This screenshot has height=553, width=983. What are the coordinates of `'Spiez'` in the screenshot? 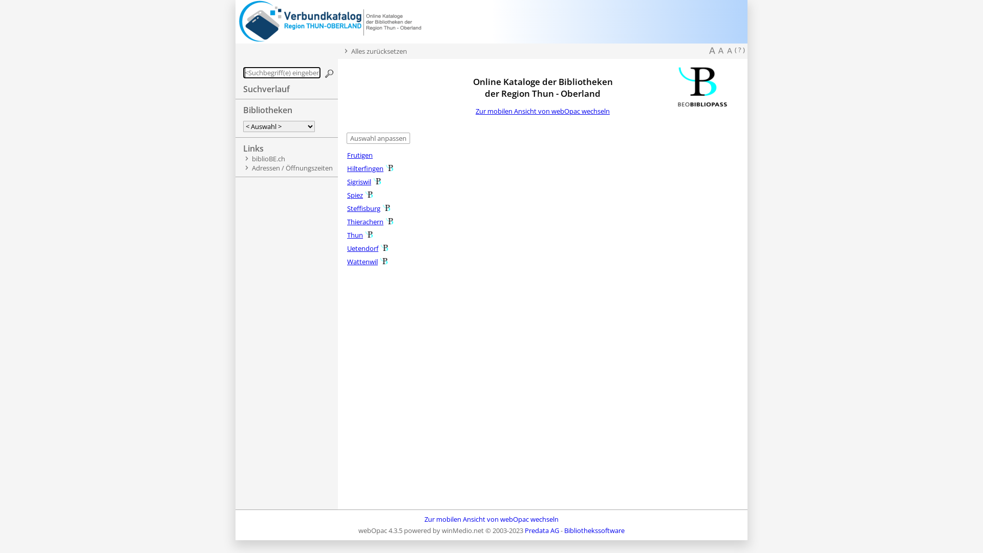 It's located at (355, 195).